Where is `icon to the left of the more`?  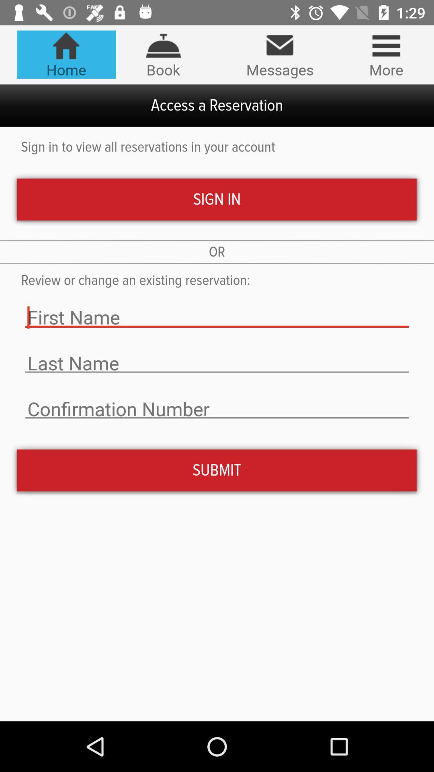 icon to the left of the more is located at coordinates (279, 54).